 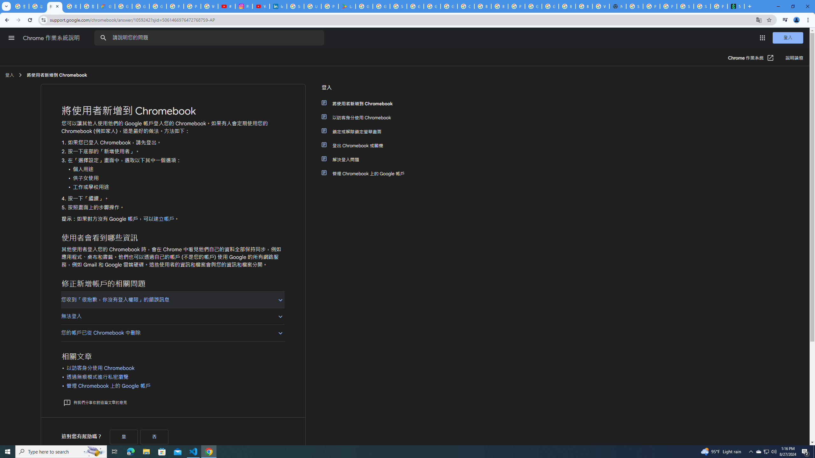 I want to click on 'Last Shelter: Survival - Apps on Google Play', so click(x=347, y=6).